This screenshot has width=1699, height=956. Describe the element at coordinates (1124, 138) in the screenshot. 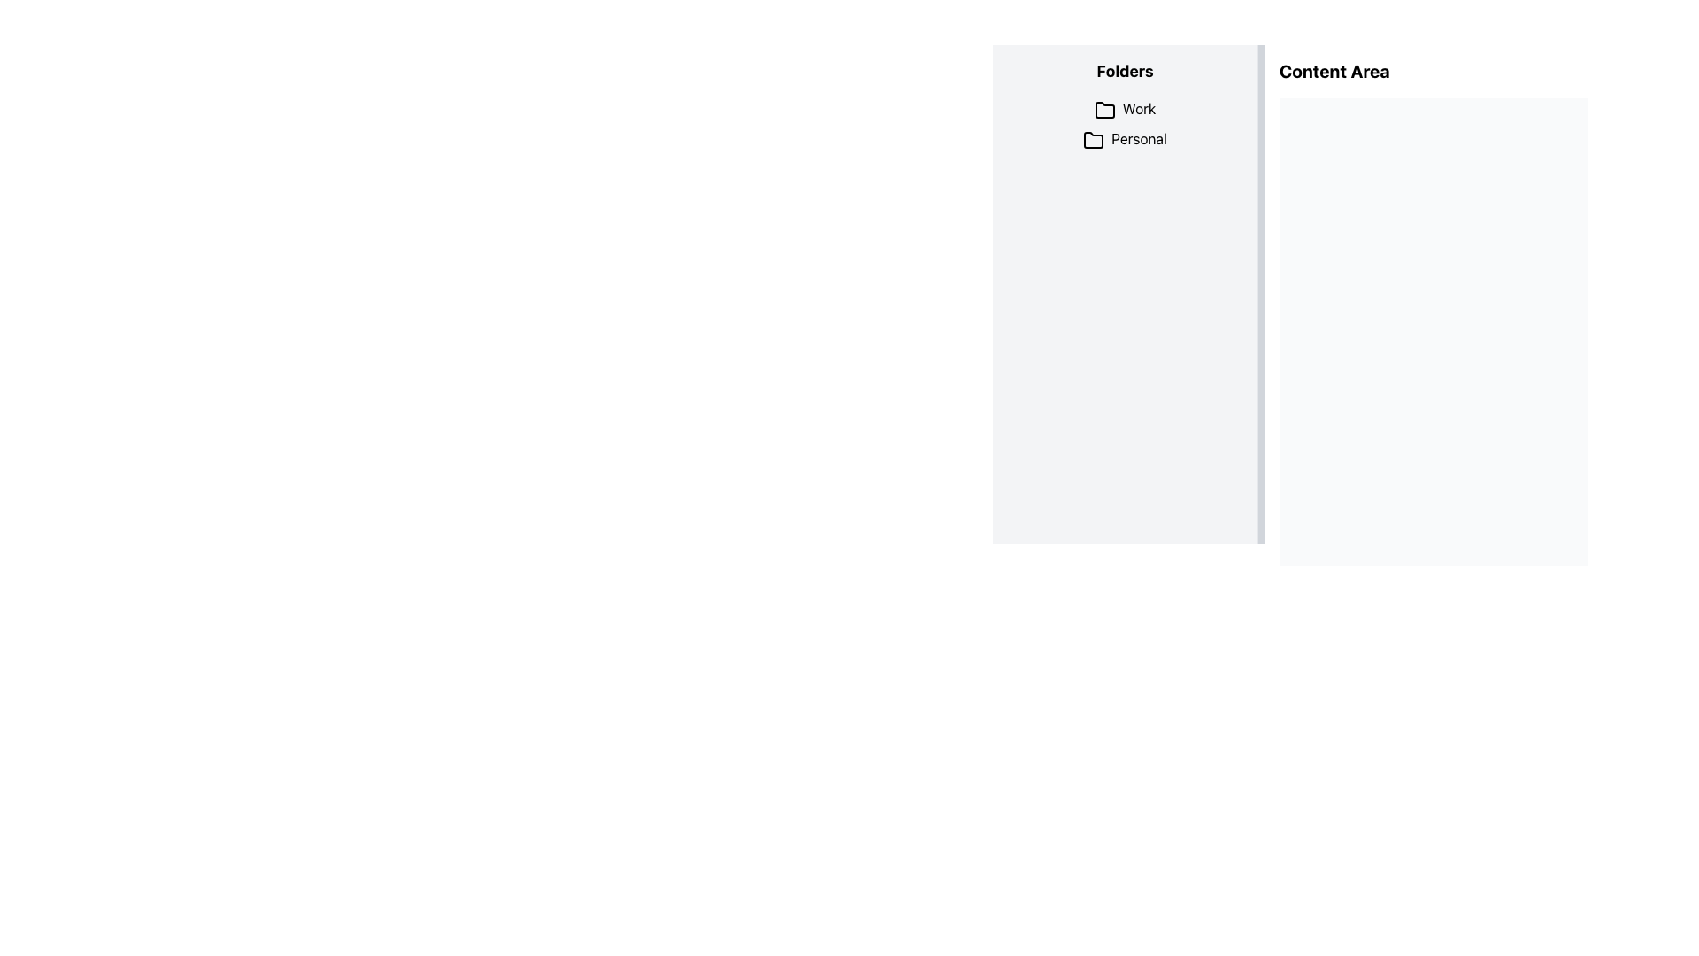

I see `the 'Personal' text label with the accompanying folder icon located under the 'Folders' header` at that location.